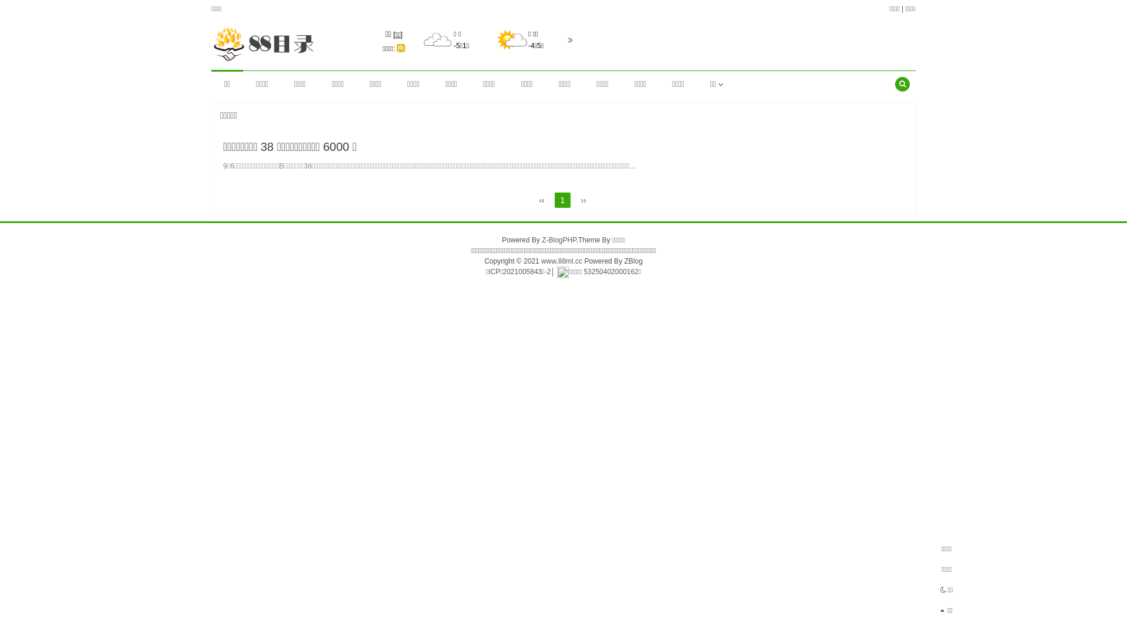  I want to click on 'www.88ml.cc', so click(561, 260).